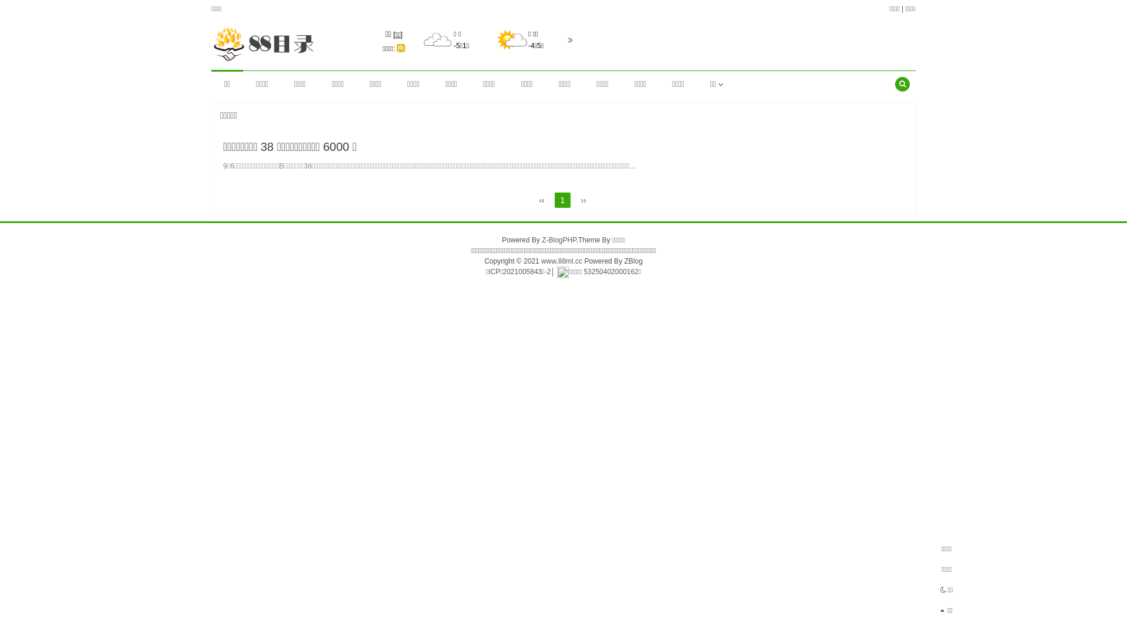  I want to click on 'www.88ml.cc', so click(561, 260).